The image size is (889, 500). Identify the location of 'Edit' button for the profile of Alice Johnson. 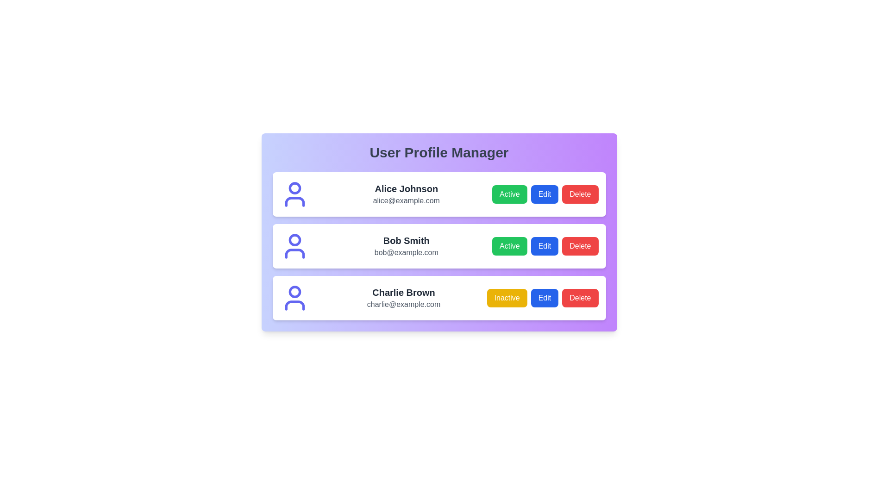
(545, 194).